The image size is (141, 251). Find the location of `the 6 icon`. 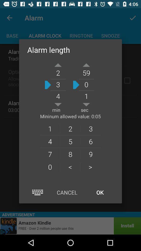

the 6 icon is located at coordinates (90, 141).